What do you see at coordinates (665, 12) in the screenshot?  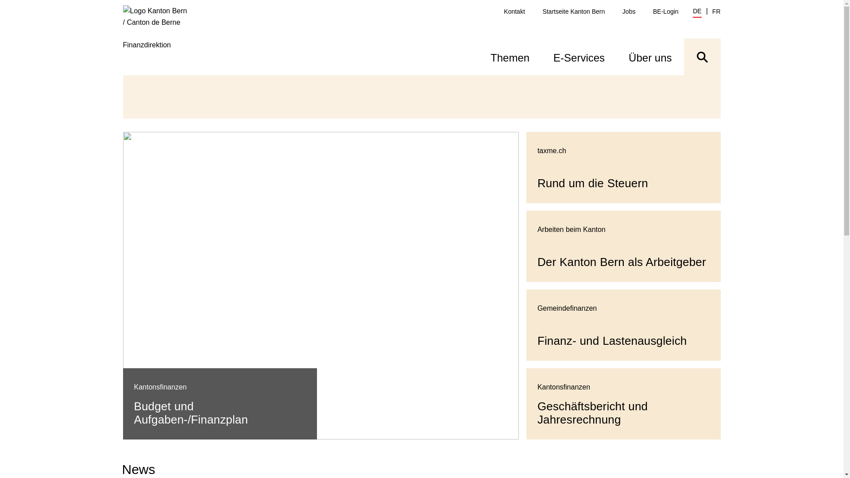 I see `'BE-Login'` at bounding box center [665, 12].